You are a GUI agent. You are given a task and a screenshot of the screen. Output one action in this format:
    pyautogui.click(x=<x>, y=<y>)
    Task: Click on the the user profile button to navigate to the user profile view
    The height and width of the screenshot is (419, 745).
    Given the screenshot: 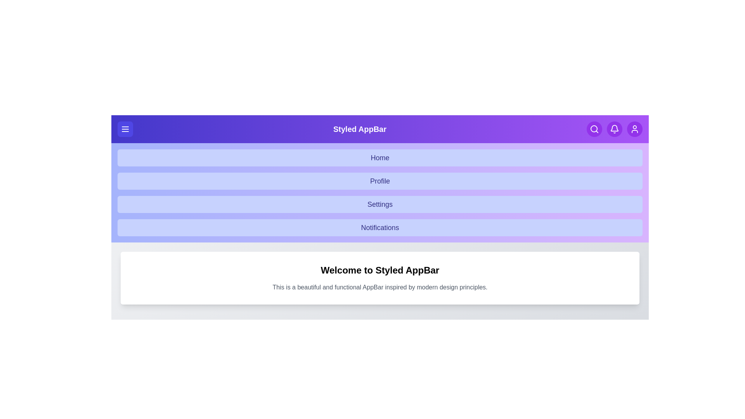 What is the action you would take?
    pyautogui.click(x=635, y=128)
    